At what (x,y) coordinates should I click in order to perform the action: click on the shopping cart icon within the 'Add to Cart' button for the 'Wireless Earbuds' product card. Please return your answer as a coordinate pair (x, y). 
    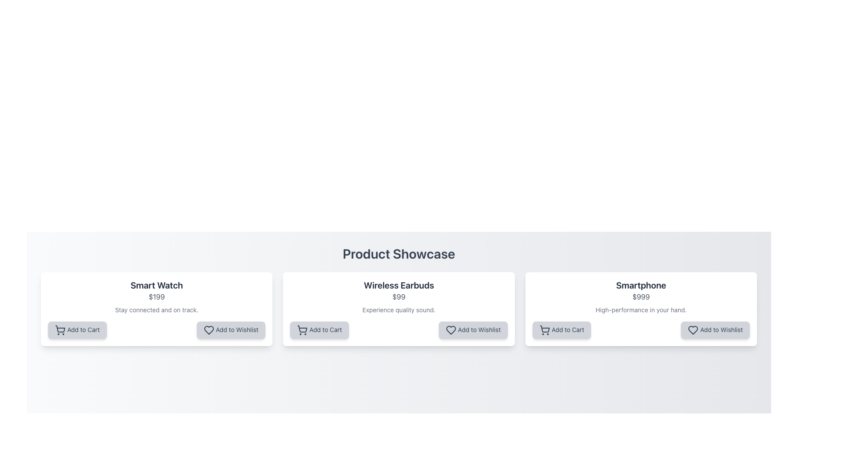
    Looking at the image, I should click on (302, 330).